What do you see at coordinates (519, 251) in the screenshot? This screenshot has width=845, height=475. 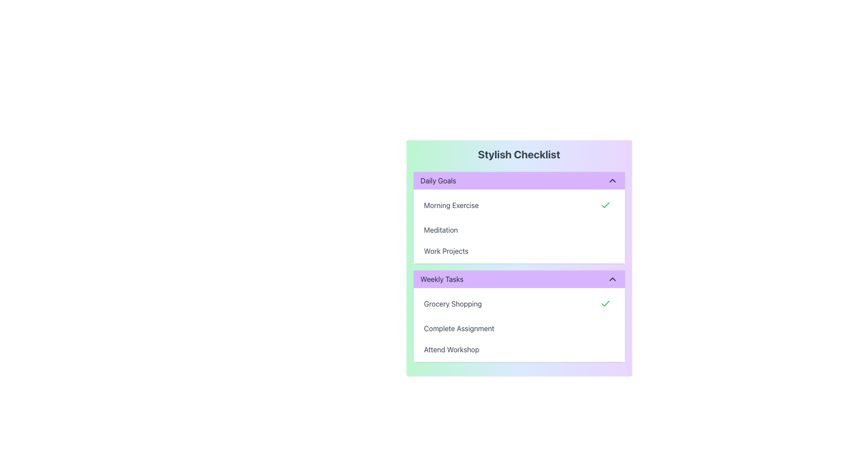 I see `the checklist item labeled 'Work Projects', which is the third item in the 'Daily Goals' section` at bounding box center [519, 251].